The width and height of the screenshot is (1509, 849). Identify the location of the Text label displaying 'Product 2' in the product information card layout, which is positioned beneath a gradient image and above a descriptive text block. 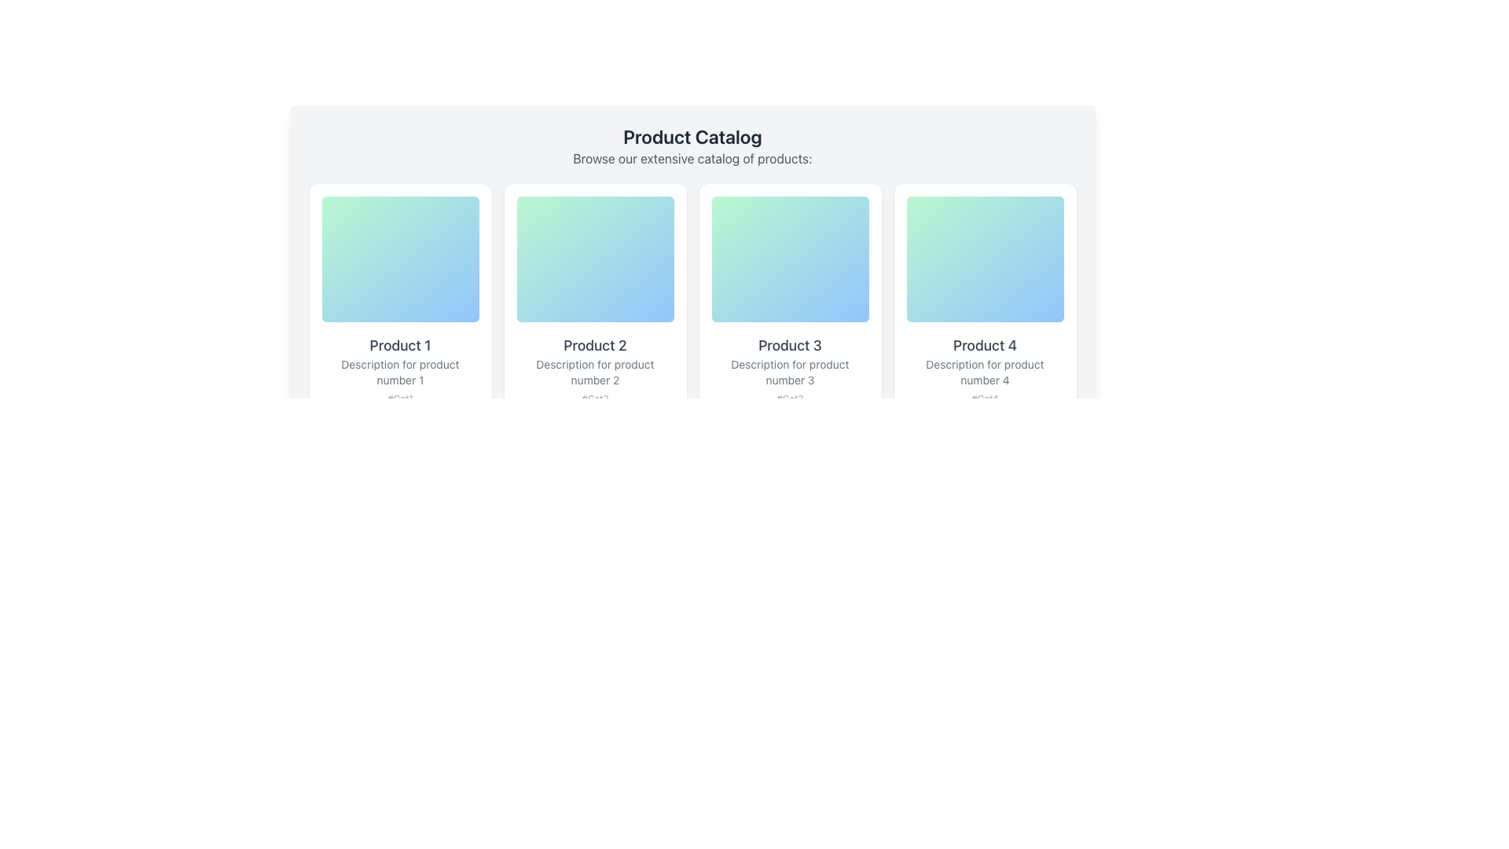
(594, 344).